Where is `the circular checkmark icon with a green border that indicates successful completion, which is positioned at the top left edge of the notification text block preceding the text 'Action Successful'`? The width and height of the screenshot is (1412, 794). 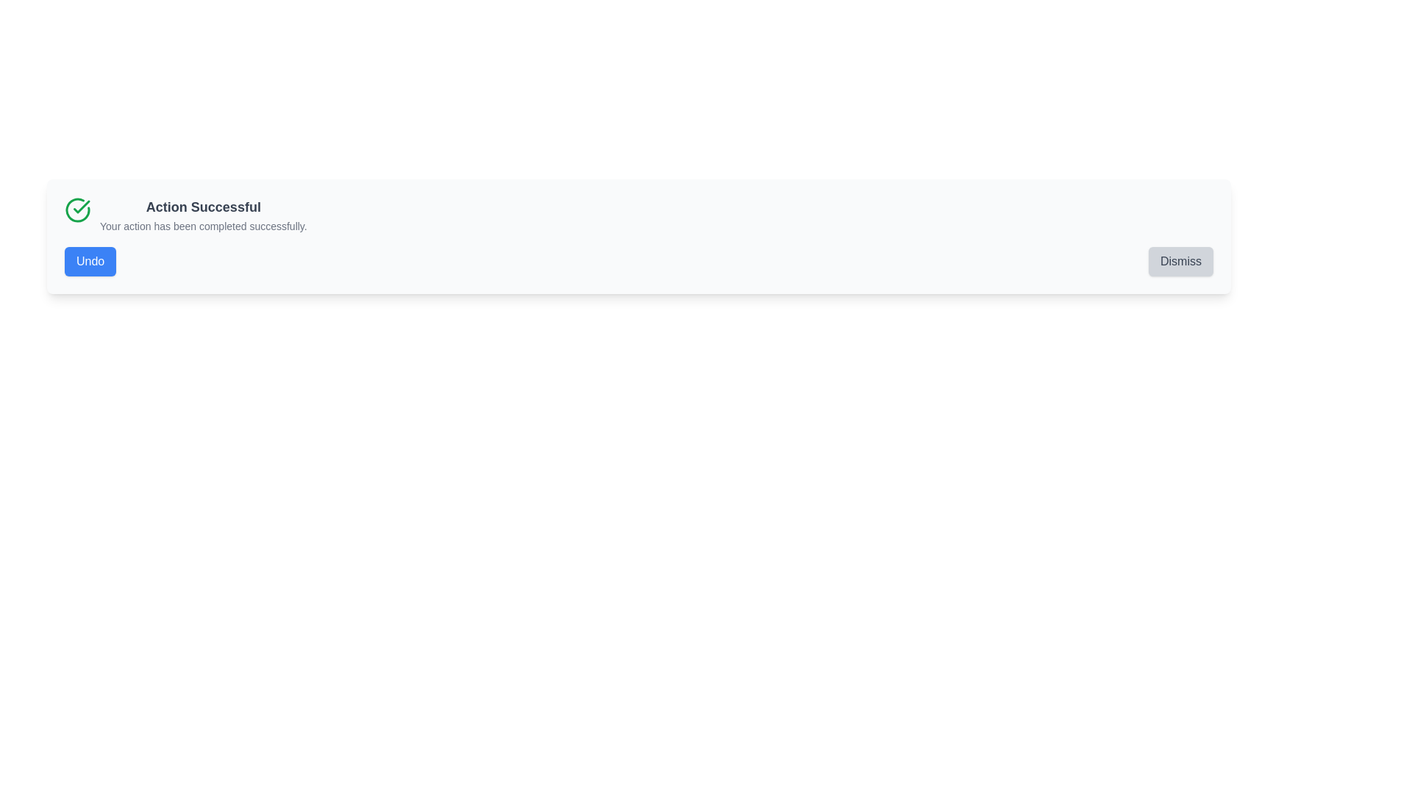
the circular checkmark icon with a green border that indicates successful completion, which is positioned at the top left edge of the notification text block preceding the text 'Action Successful' is located at coordinates (76, 210).